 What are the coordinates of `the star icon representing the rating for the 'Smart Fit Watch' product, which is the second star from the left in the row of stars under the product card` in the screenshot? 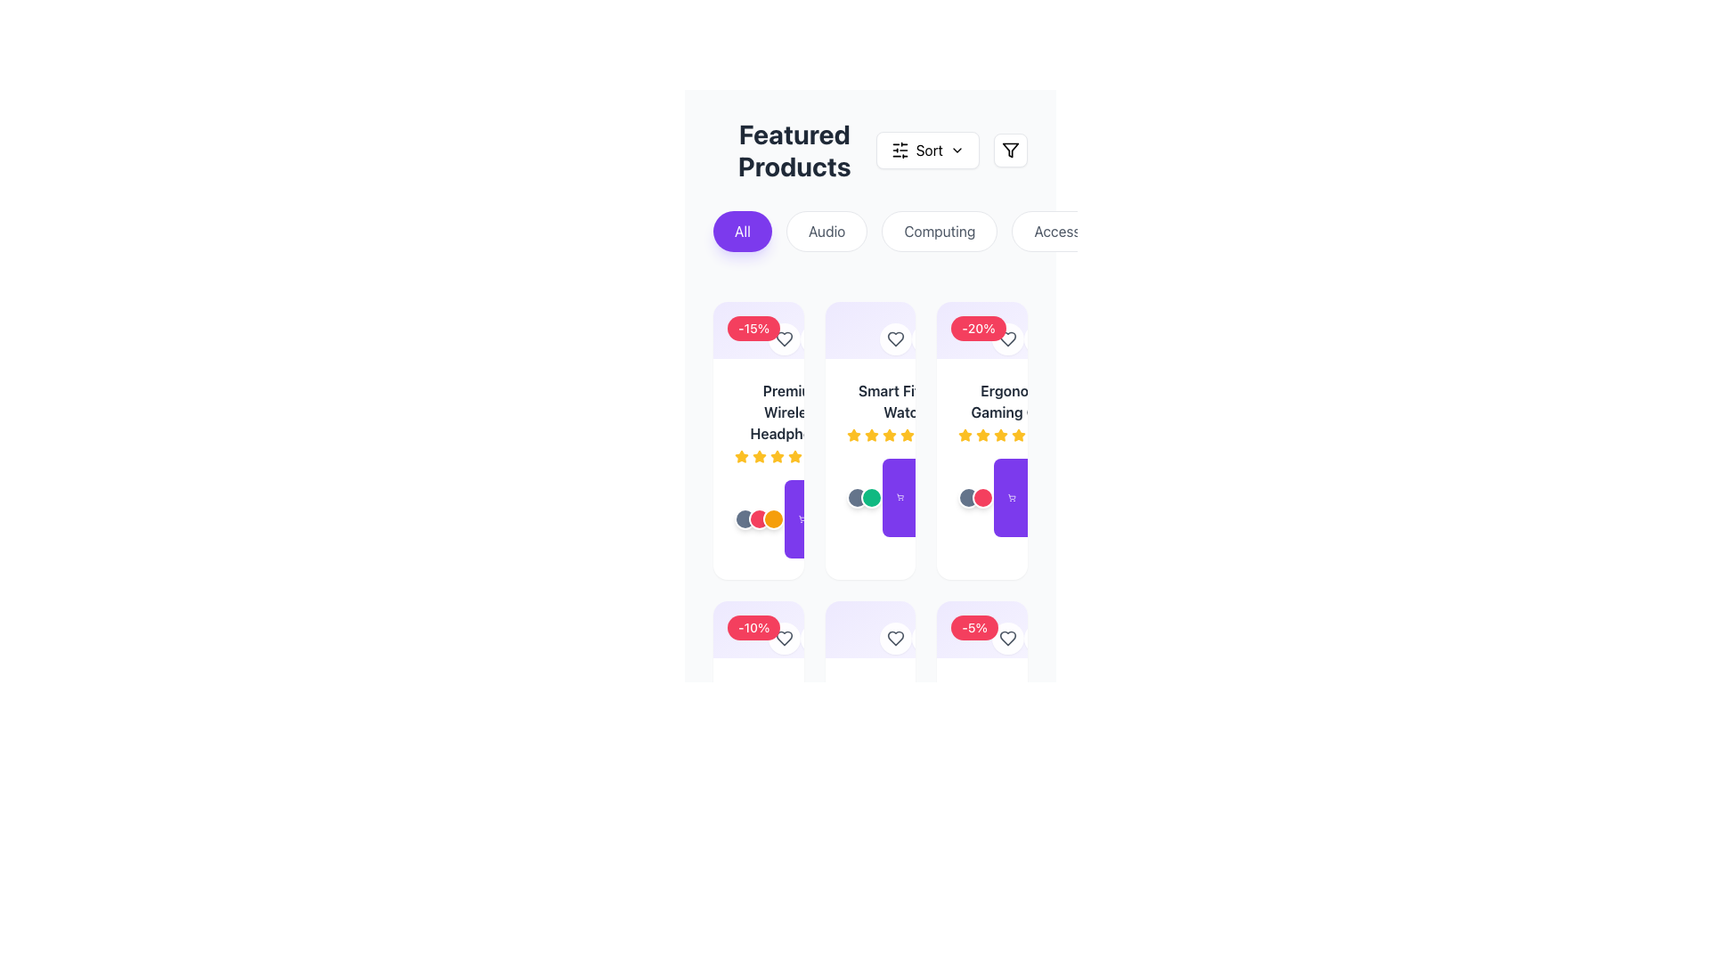 It's located at (871, 435).